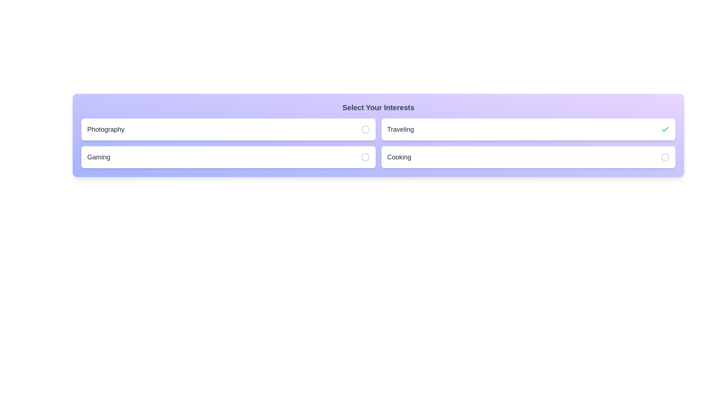 This screenshot has width=701, height=394. What do you see at coordinates (228, 157) in the screenshot?
I see `the interest item Gaming` at bounding box center [228, 157].